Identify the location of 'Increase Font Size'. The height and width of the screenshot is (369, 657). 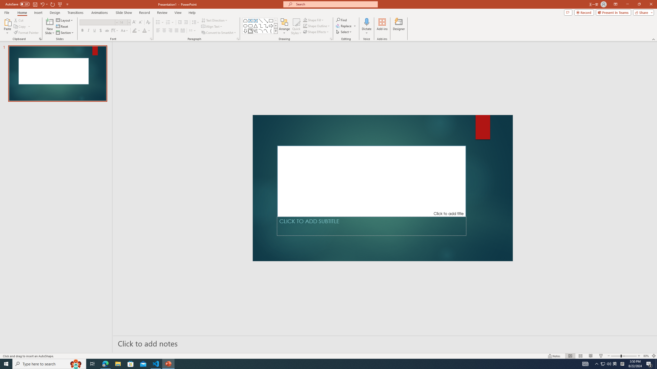
(134, 22).